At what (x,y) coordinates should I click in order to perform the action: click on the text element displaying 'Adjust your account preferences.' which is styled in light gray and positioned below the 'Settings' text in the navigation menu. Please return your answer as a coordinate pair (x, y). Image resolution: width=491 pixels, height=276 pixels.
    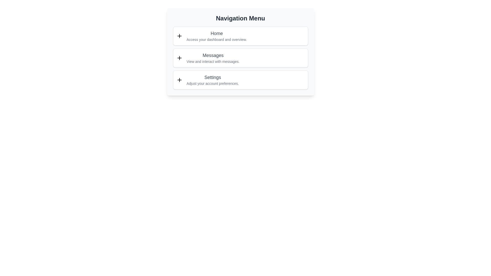
    Looking at the image, I should click on (213, 83).